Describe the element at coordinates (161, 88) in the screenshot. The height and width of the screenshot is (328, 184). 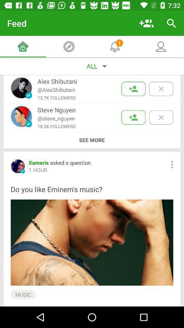
I see `cancel action` at that location.